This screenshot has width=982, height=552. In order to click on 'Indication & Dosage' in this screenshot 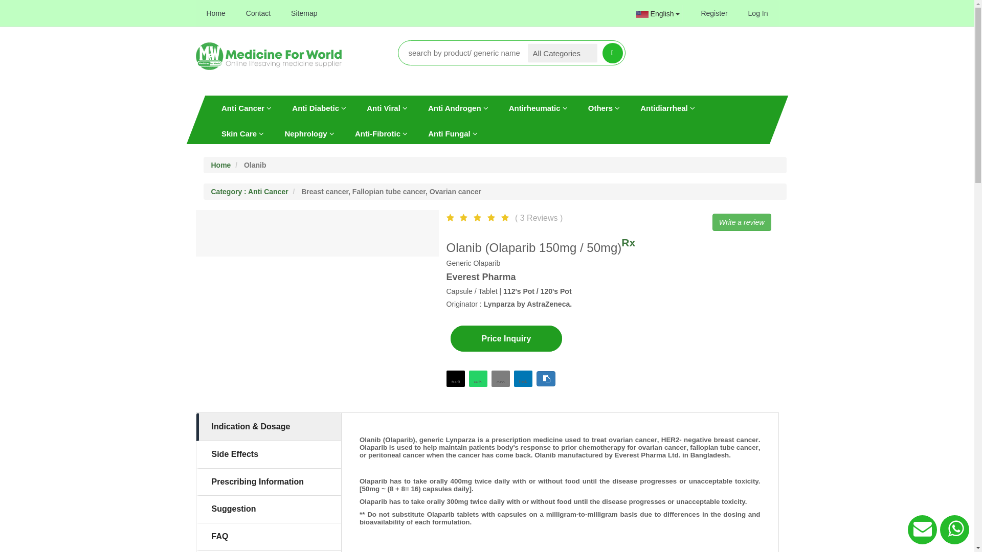, I will do `click(269, 427)`.